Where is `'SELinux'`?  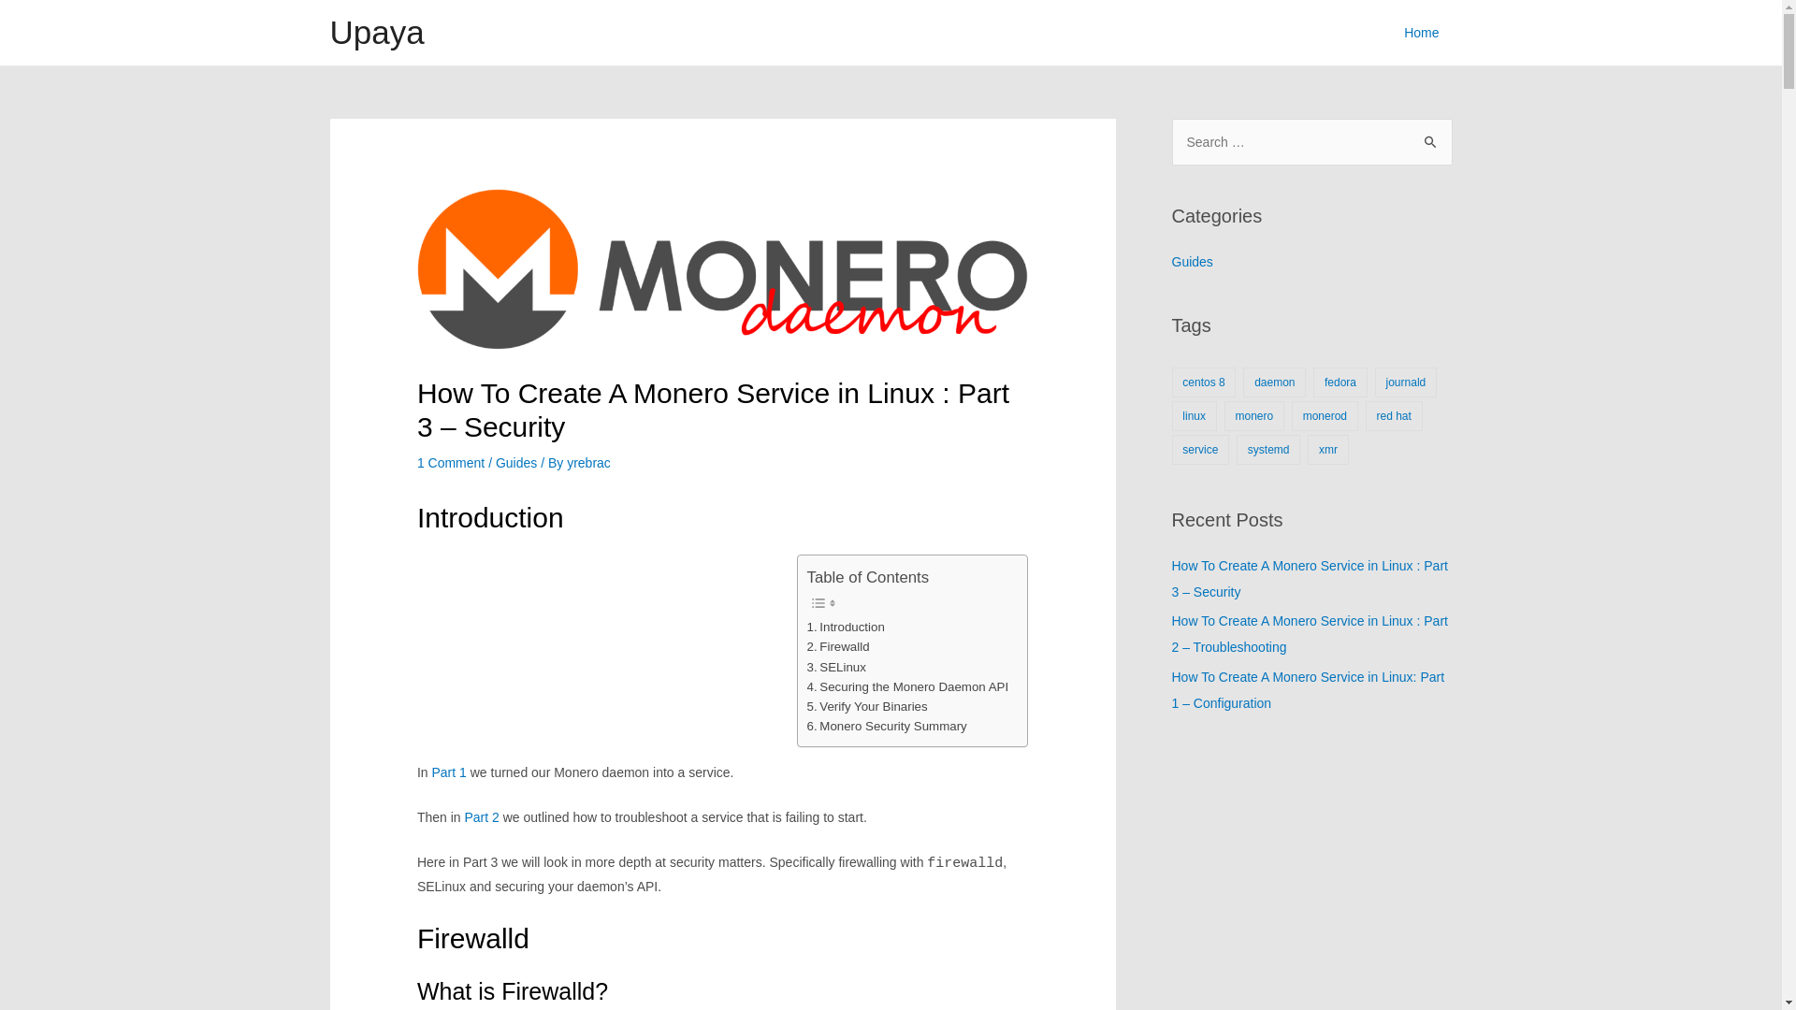 'SELinux' is located at coordinates (835, 666).